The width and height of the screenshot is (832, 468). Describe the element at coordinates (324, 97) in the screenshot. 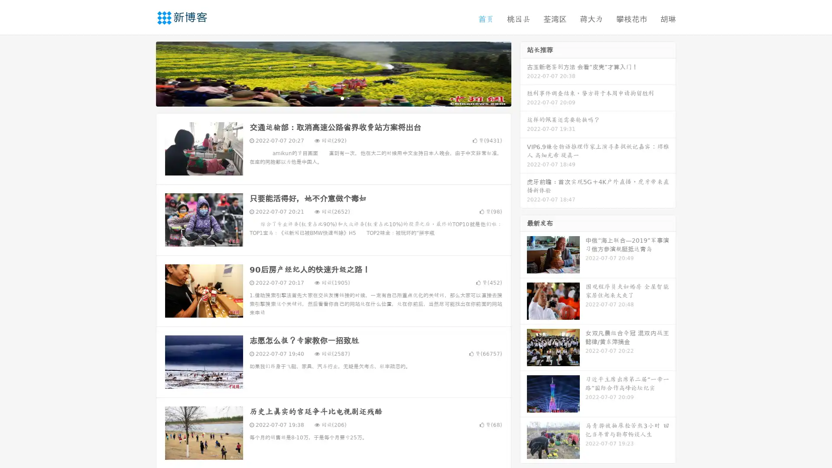

I see `Go to slide 1` at that location.